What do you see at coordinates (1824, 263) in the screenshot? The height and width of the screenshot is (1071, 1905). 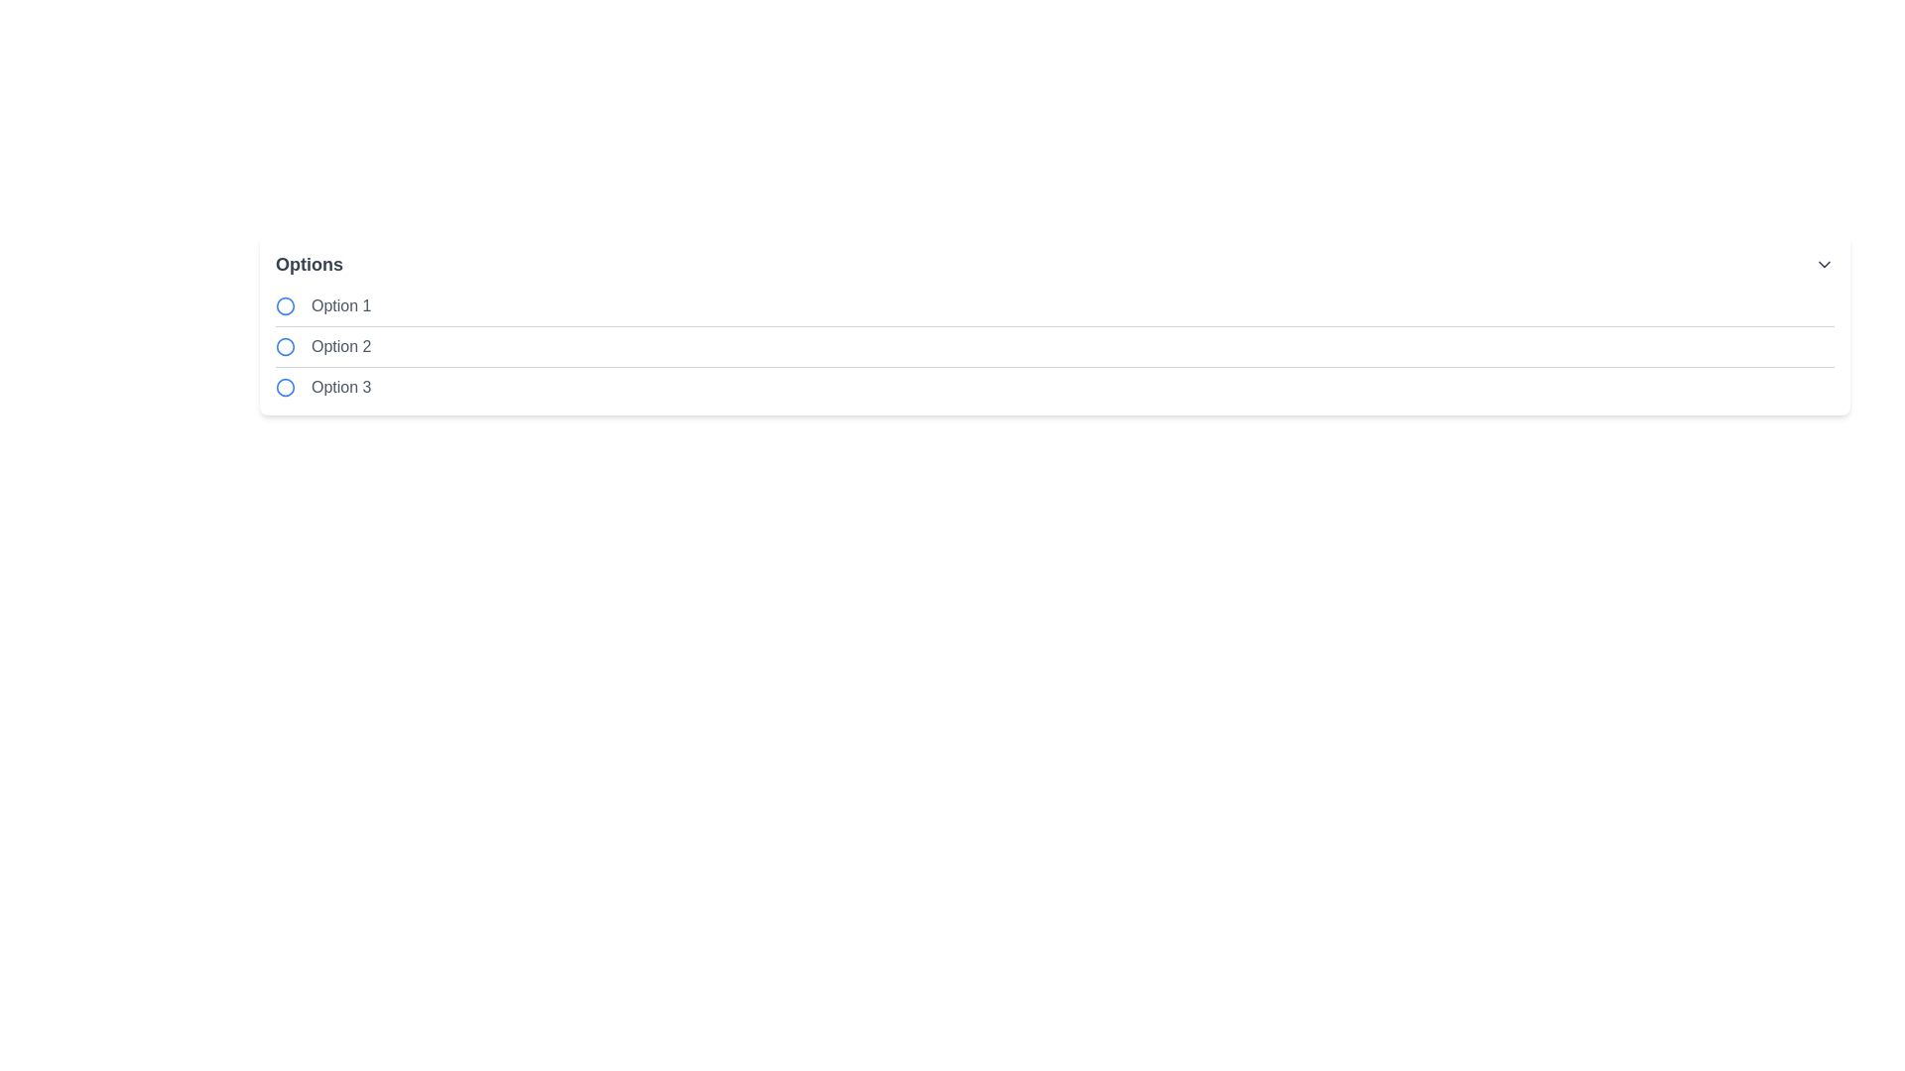 I see `the chevron icon located on the far right side of the 'Options' header` at bounding box center [1824, 263].